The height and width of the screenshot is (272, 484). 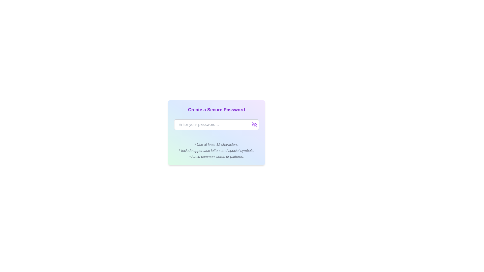 What do you see at coordinates (217, 156) in the screenshot?
I see `instructional text that says '* Avoid common words or patterns.' which is styled in a smaller italicized gray font and is the third item in a vertical list of instructions below the password input field` at bounding box center [217, 156].